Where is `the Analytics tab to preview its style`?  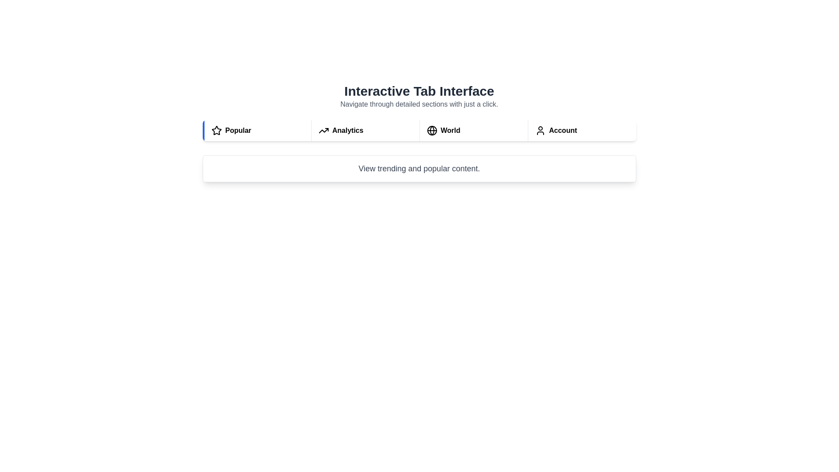 the Analytics tab to preview its style is located at coordinates (365, 131).